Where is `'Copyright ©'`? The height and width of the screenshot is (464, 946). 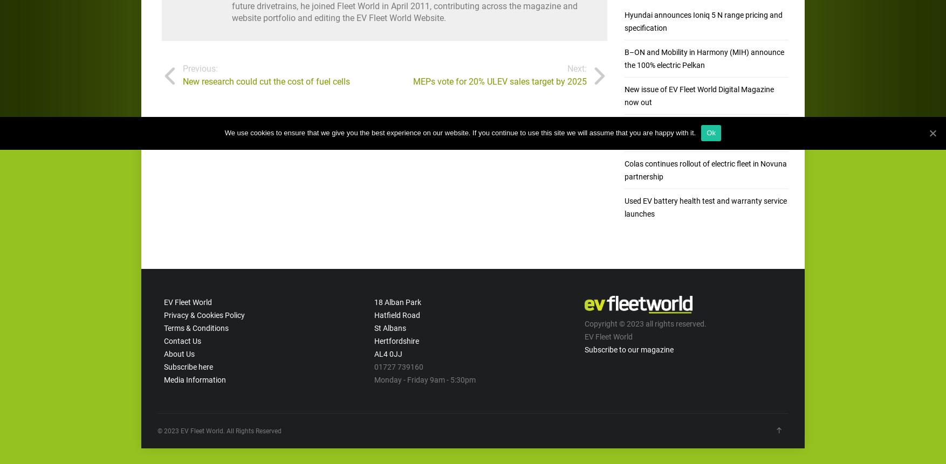
'Copyright ©' is located at coordinates (605, 323).